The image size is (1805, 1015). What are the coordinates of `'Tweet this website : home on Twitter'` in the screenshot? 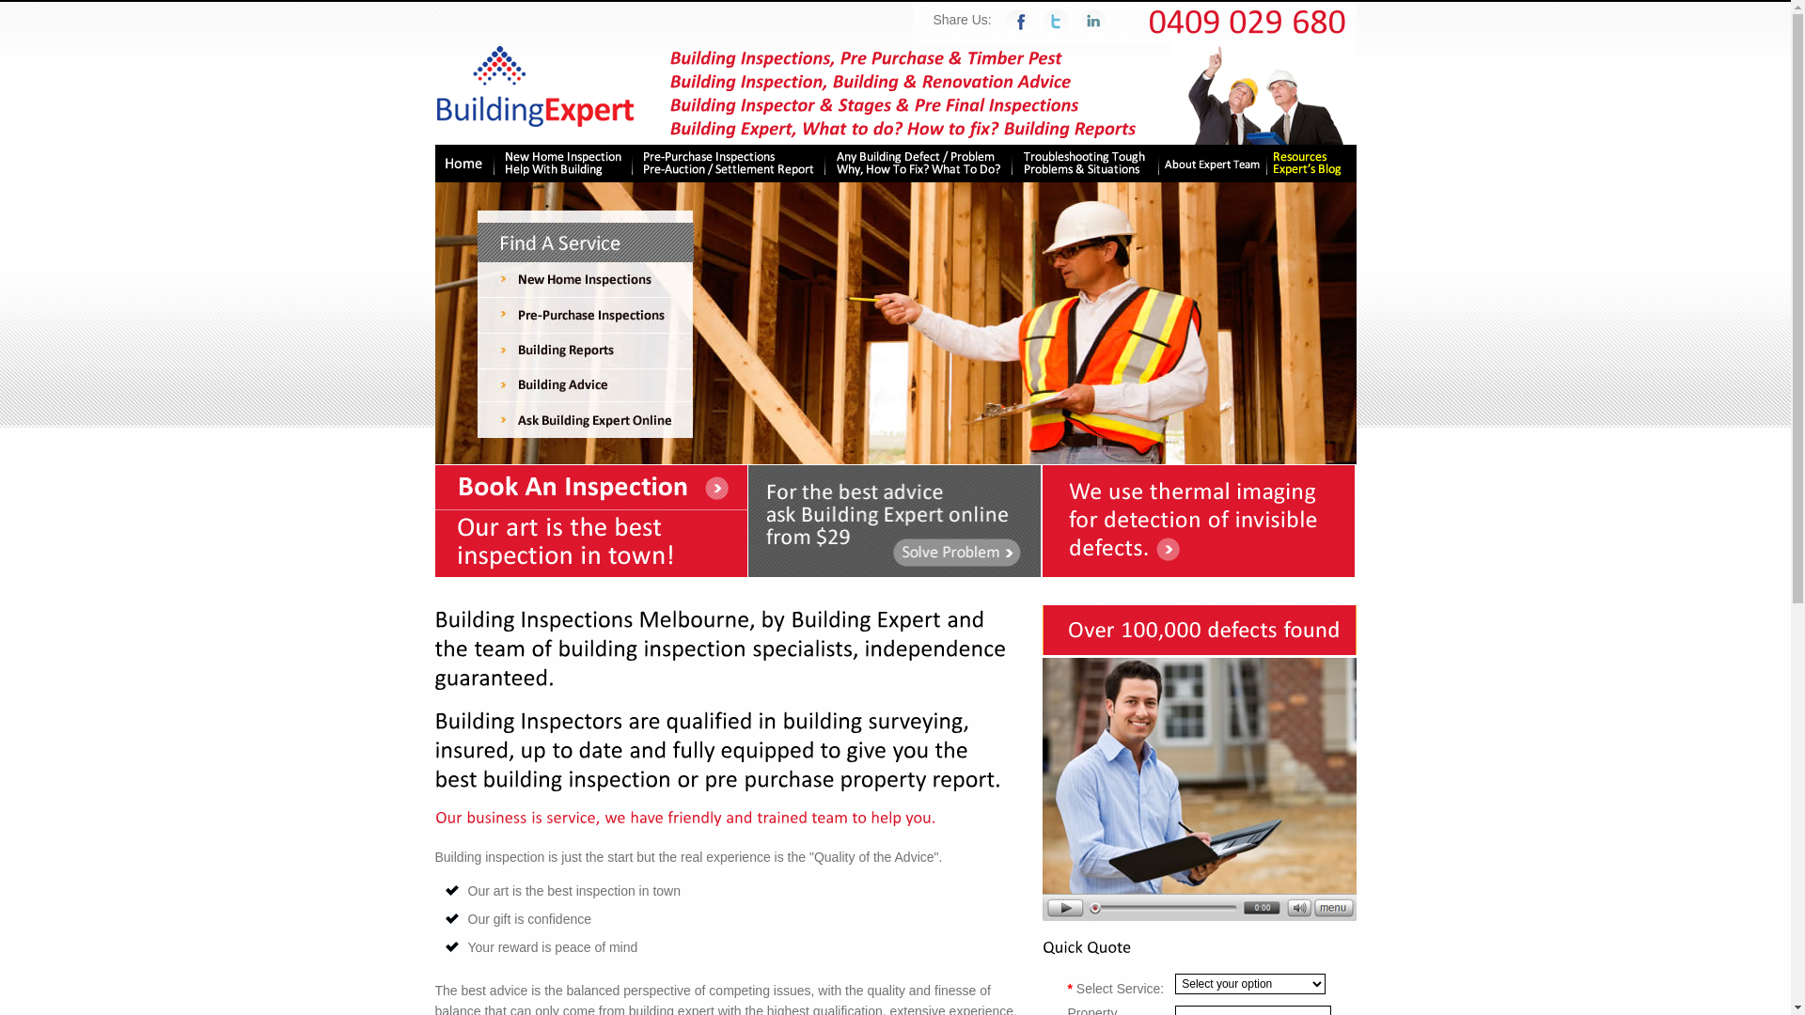 It's located at (1056, 19).